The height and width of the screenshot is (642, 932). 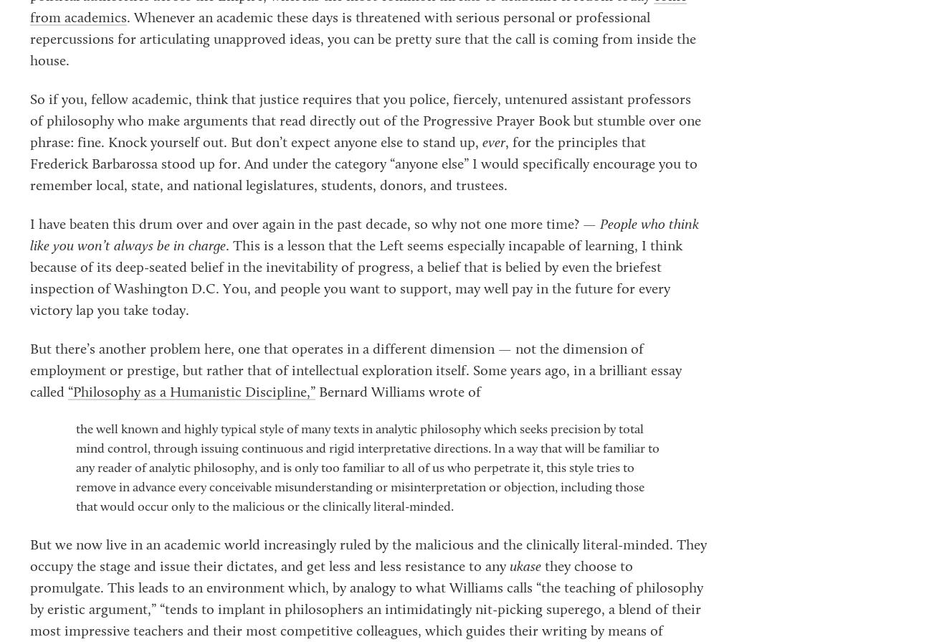 I want to click on 'But we now live in an academic world increasingly ruled by the malicious and the clinically literal-minded. They occupy the stage and issue their dictates, and get less and less resistance to any', so click(x=368, y=555).